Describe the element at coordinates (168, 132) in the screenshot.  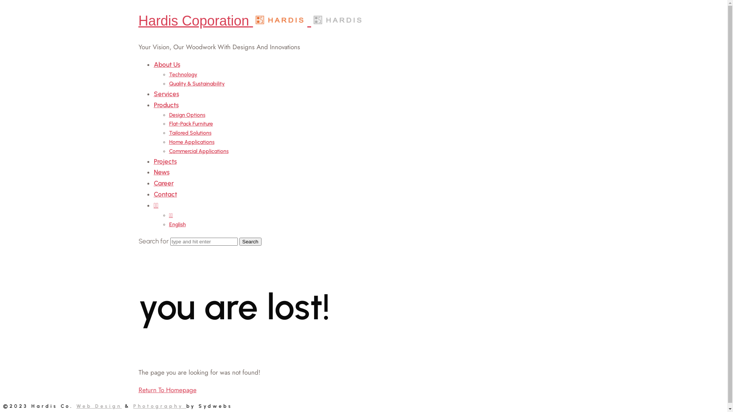
I see `'Tailored Solutions'` at that location.